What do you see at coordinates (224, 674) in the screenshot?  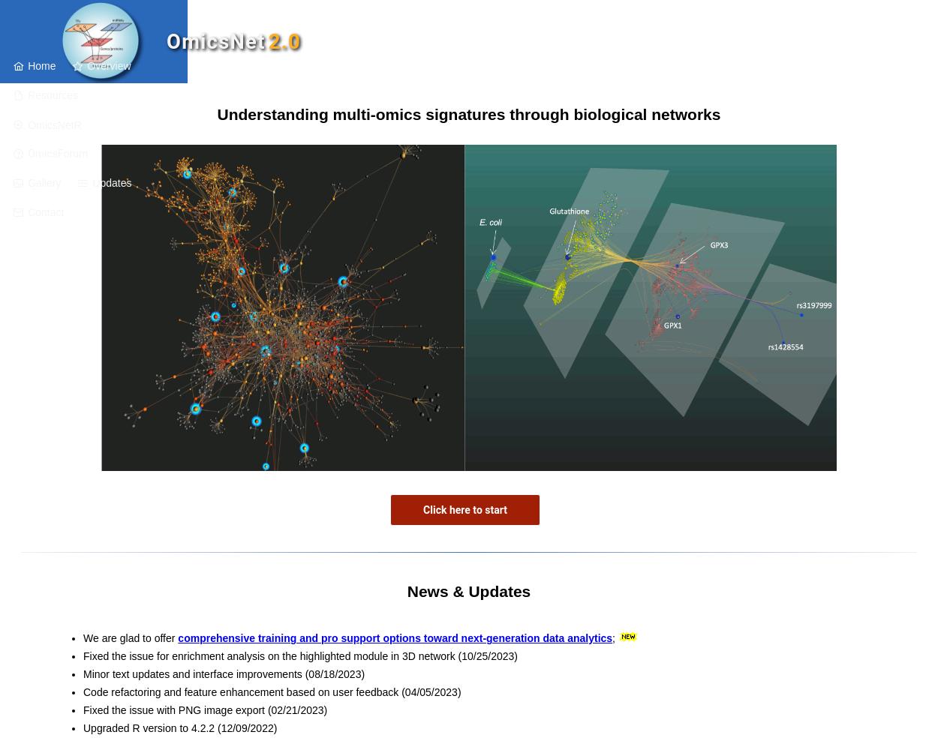 I see `'Minor text updates and interface improvements  (08/18/2023)'` at bounding box center [224, 674].